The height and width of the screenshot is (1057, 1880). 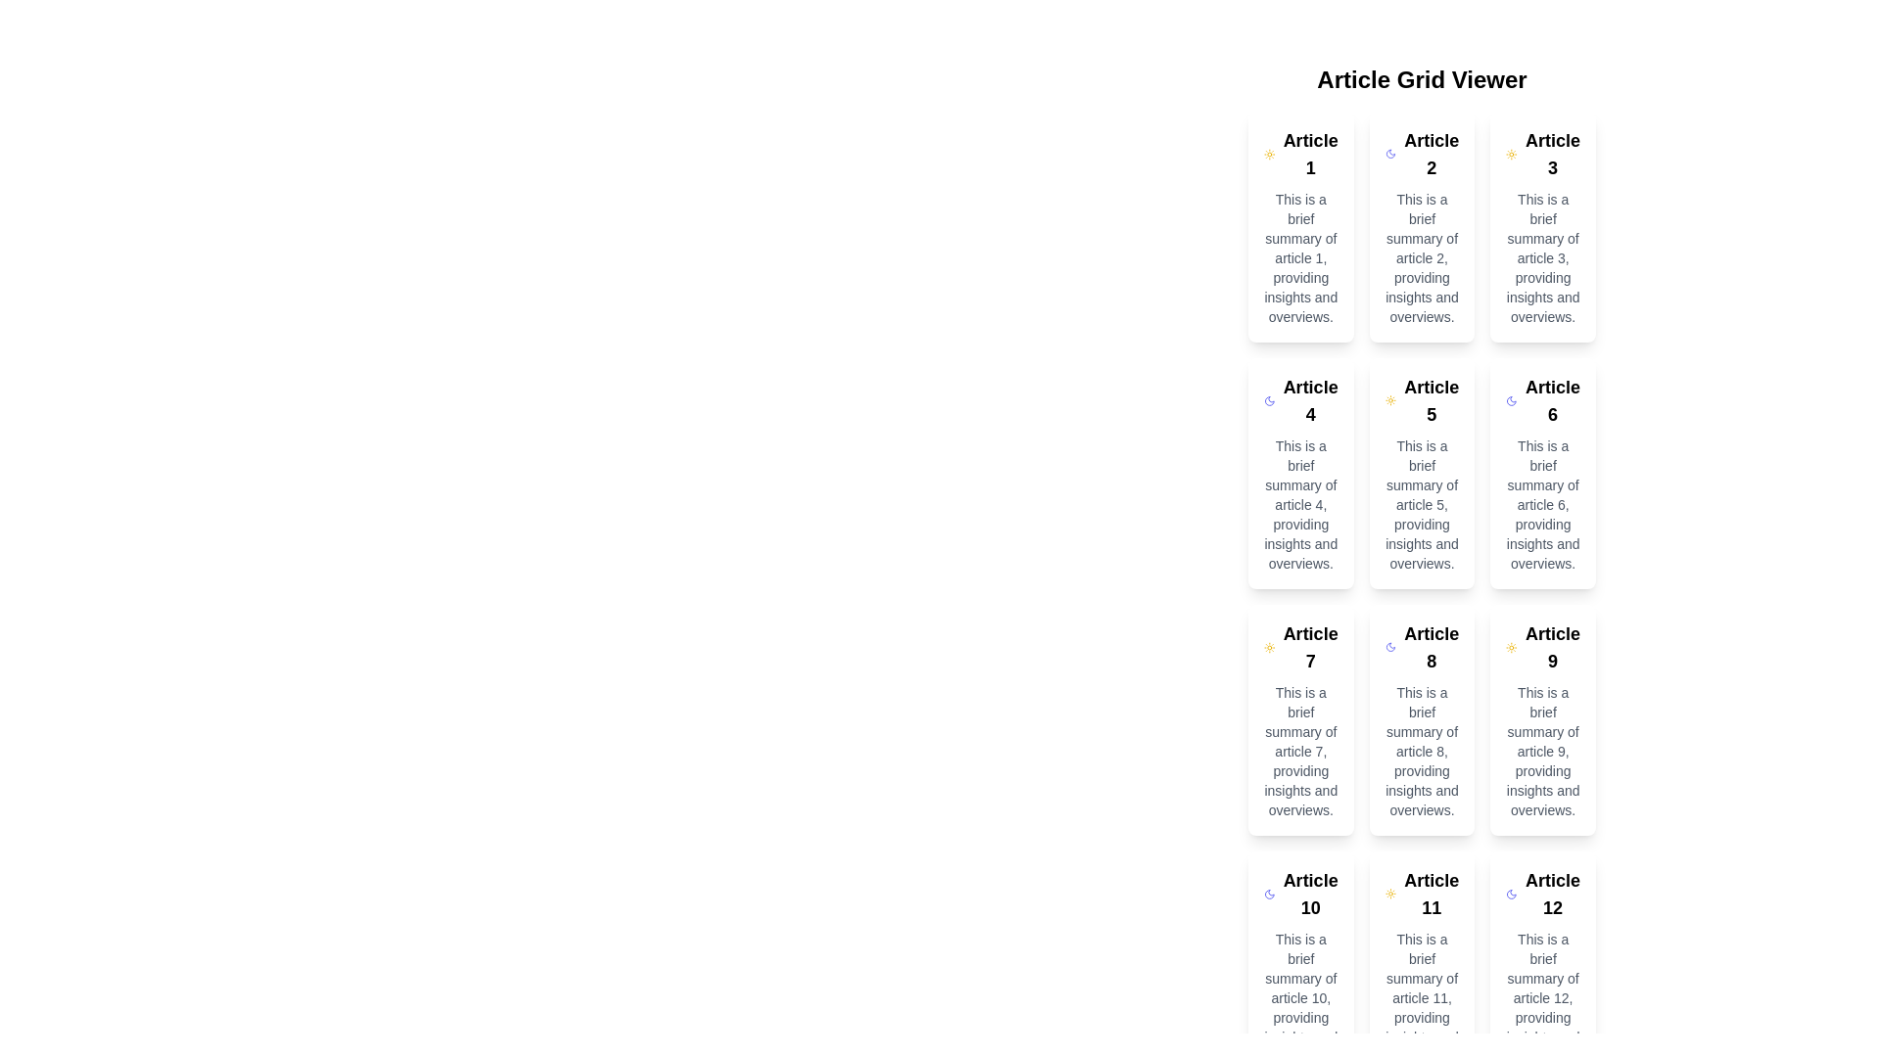 What do you see at coordinates (1422, 895) in the screenshot?
I see `the Text Label for 'Article 11'` at bounding box center [1422, 895].